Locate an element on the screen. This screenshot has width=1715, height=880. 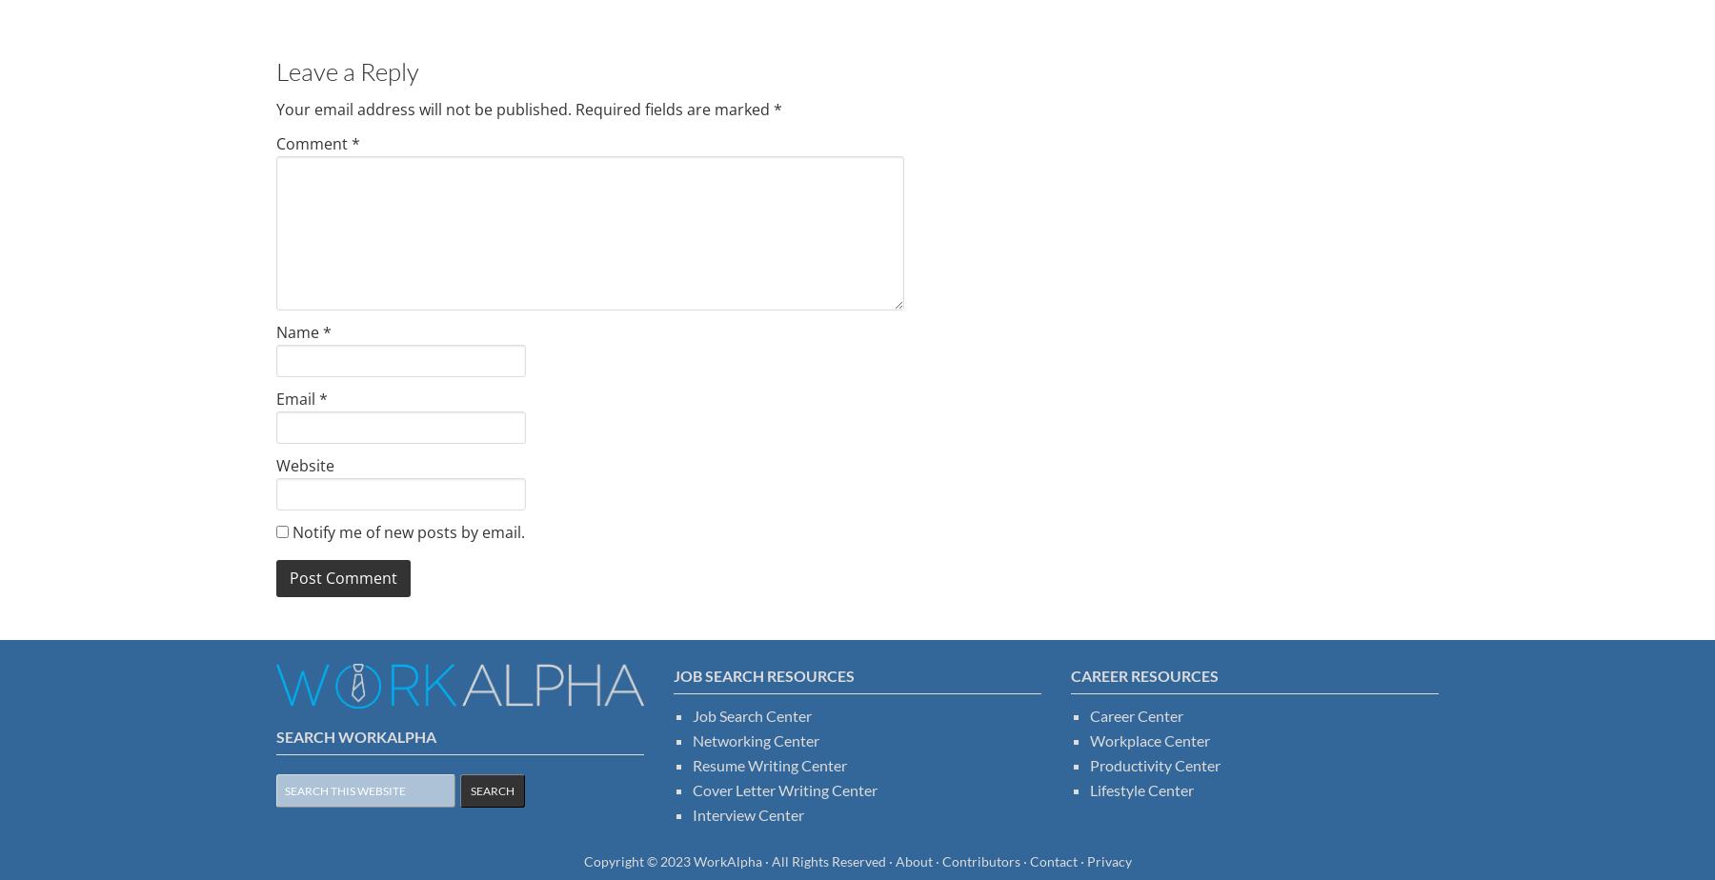
'Contributors' is located at coordinates (980, 860).